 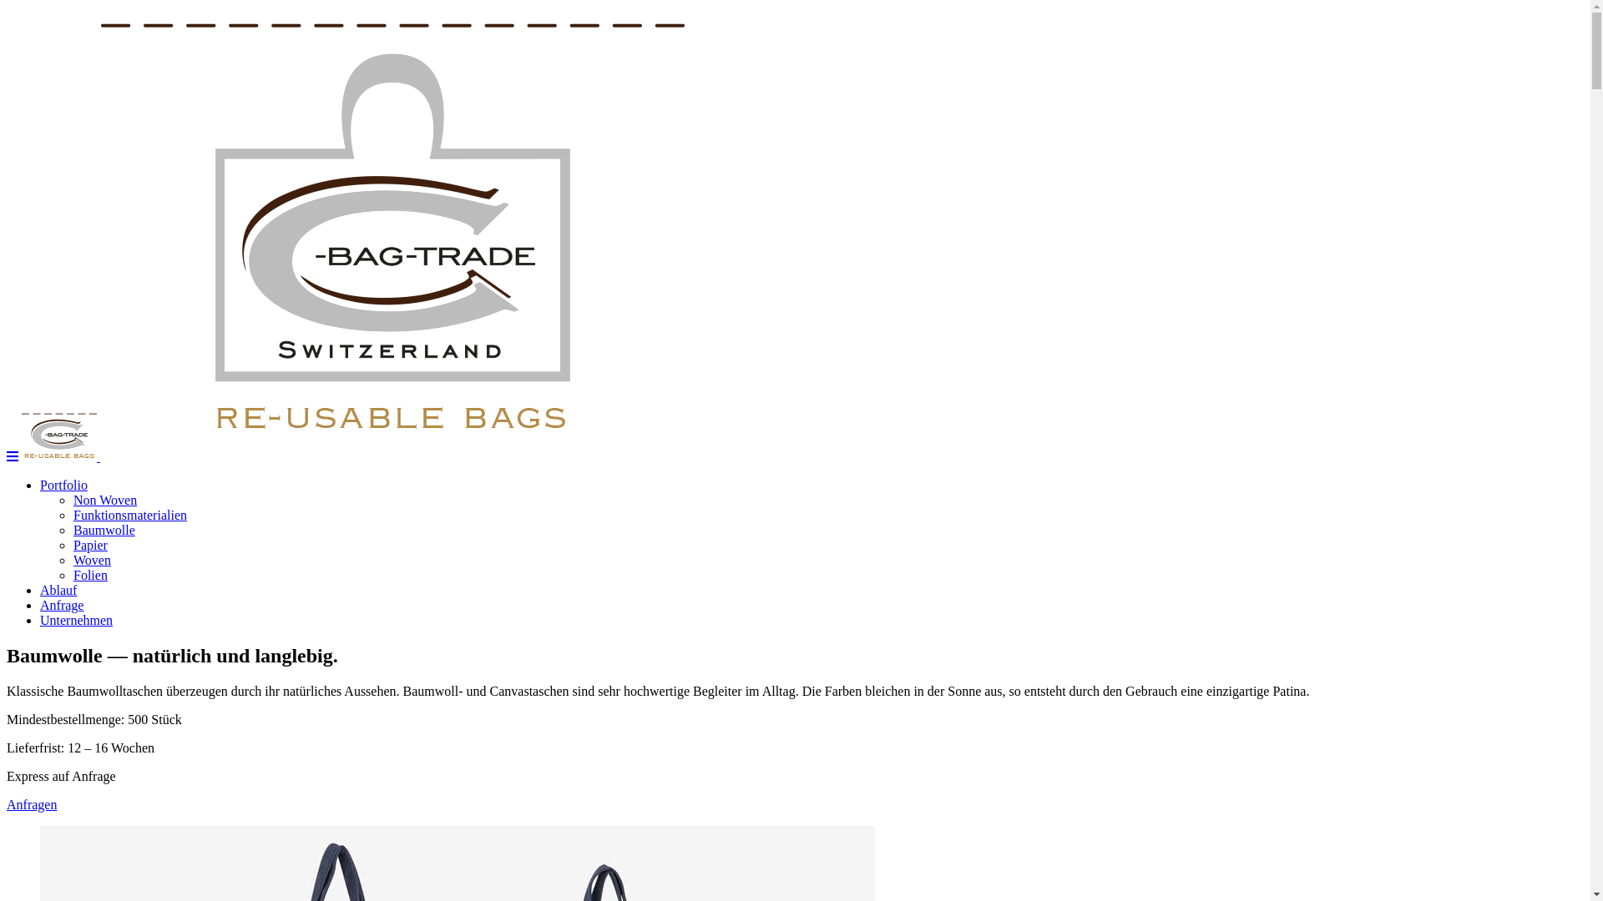 I want to click on 'Unternehmen', so click(x=75, y=620).